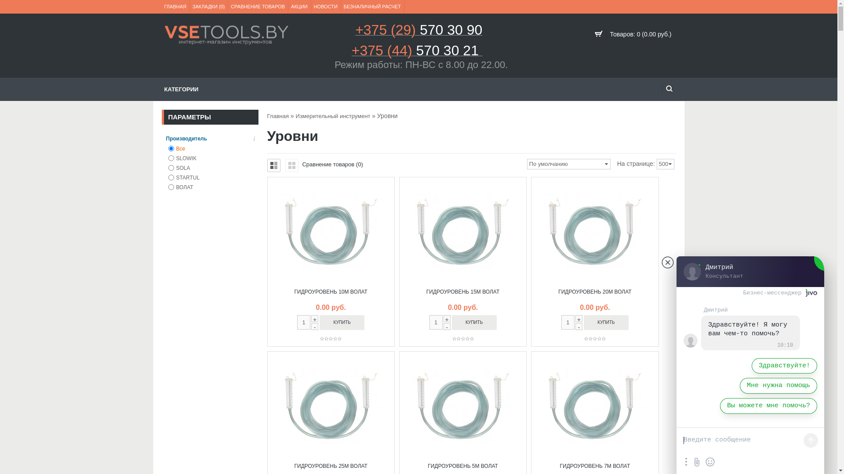 Image resolution: width=844 pixels, height=474 pixels. I want to click on '+375 (44) 570 30 21 ', so click(352, 53).